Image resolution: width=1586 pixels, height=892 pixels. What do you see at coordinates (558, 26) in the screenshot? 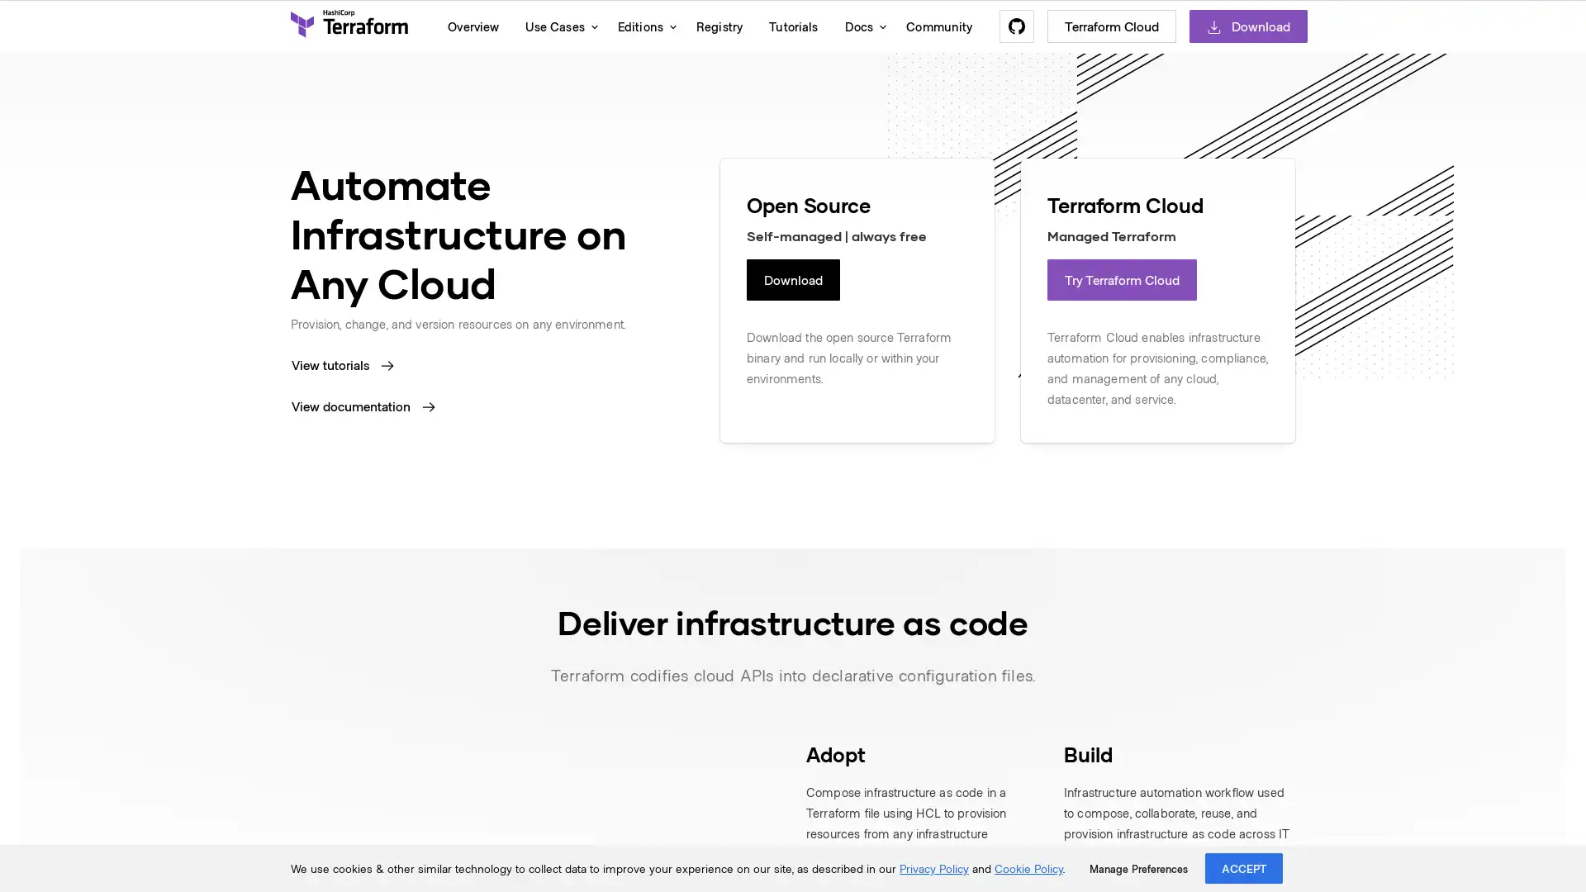
I see `Use Cases` at bounding box center [558, 26].